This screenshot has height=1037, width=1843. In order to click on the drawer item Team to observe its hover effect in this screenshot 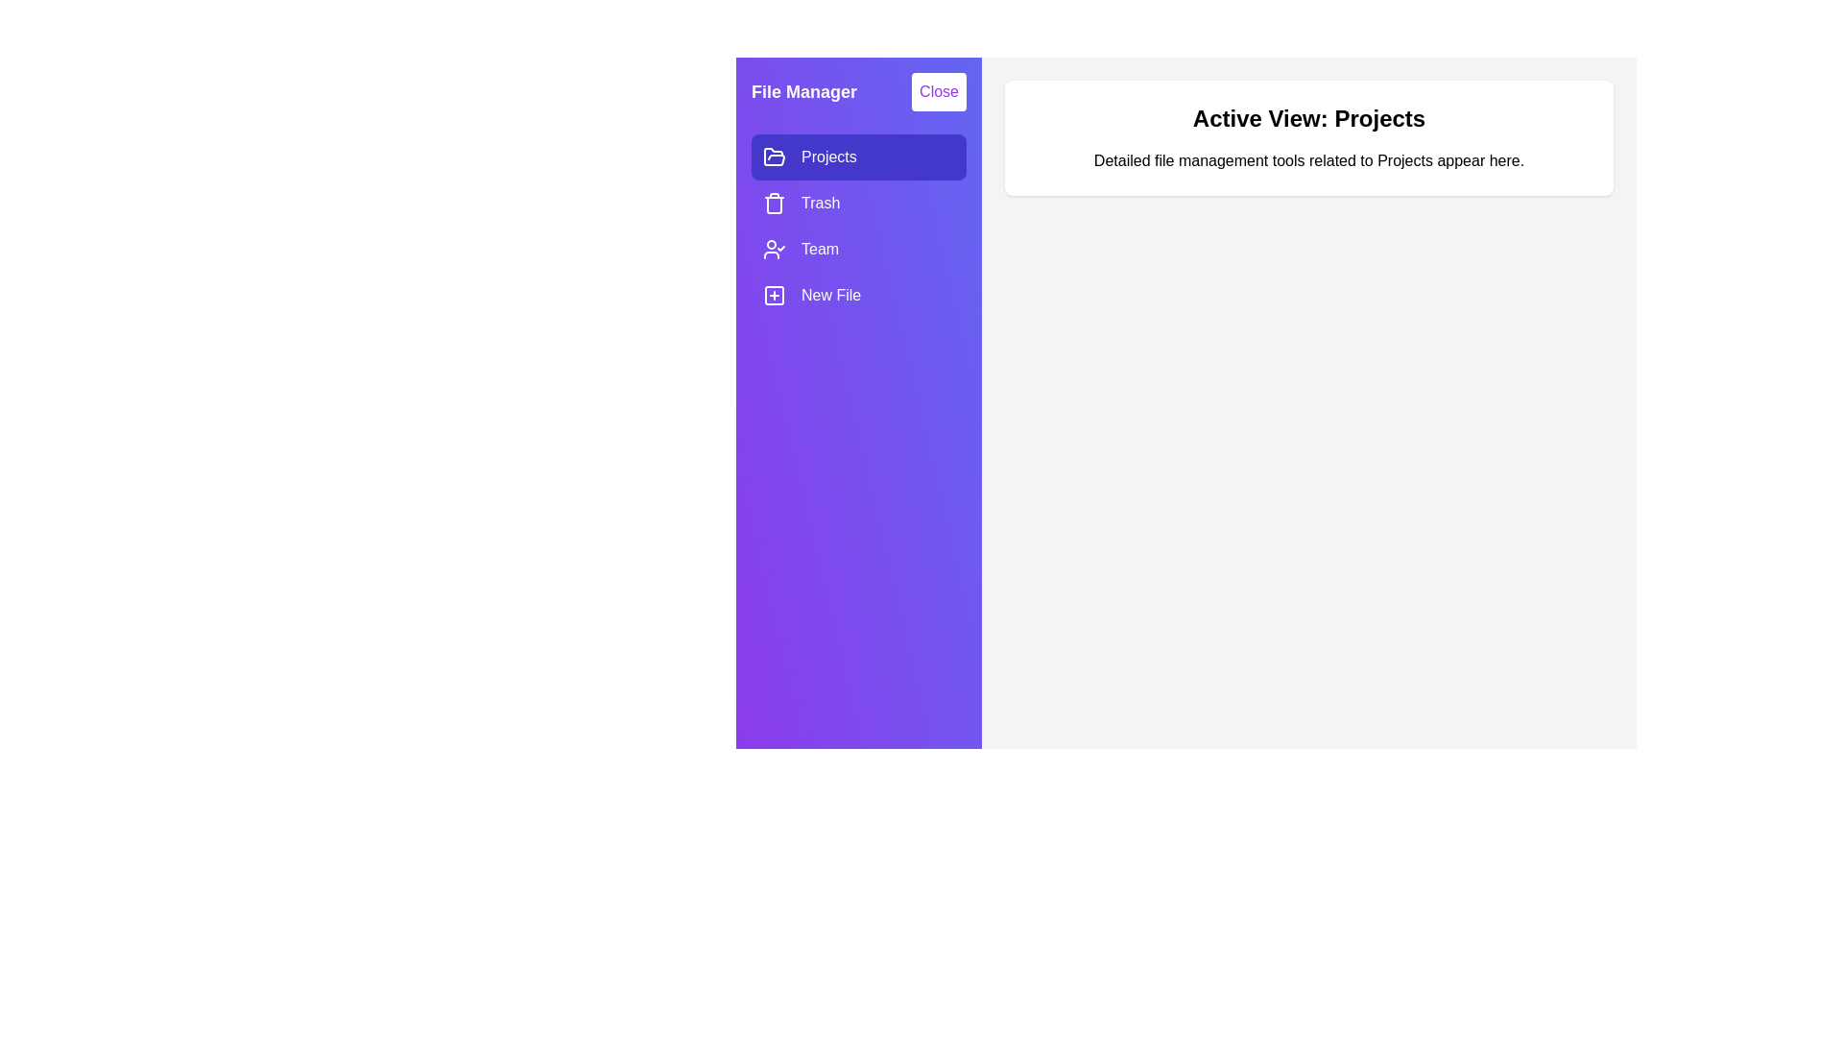, I will do `click(857, 248)`.